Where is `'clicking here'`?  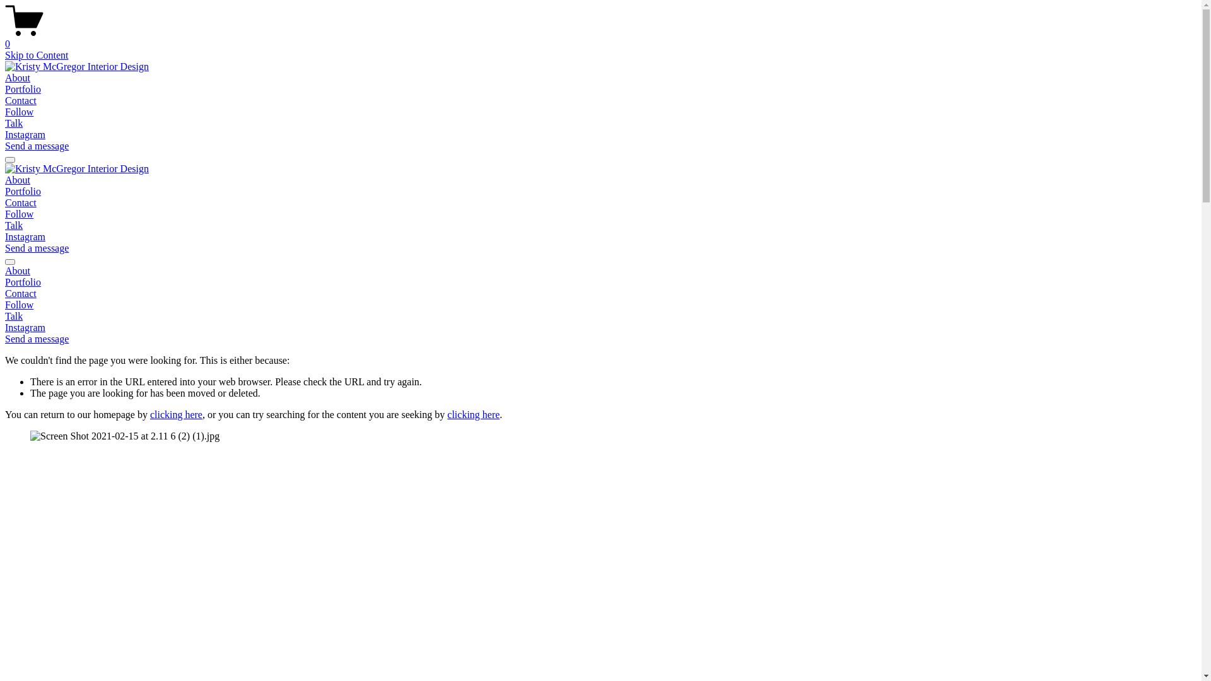
'clicking here' is located at coordinates (175, 414).